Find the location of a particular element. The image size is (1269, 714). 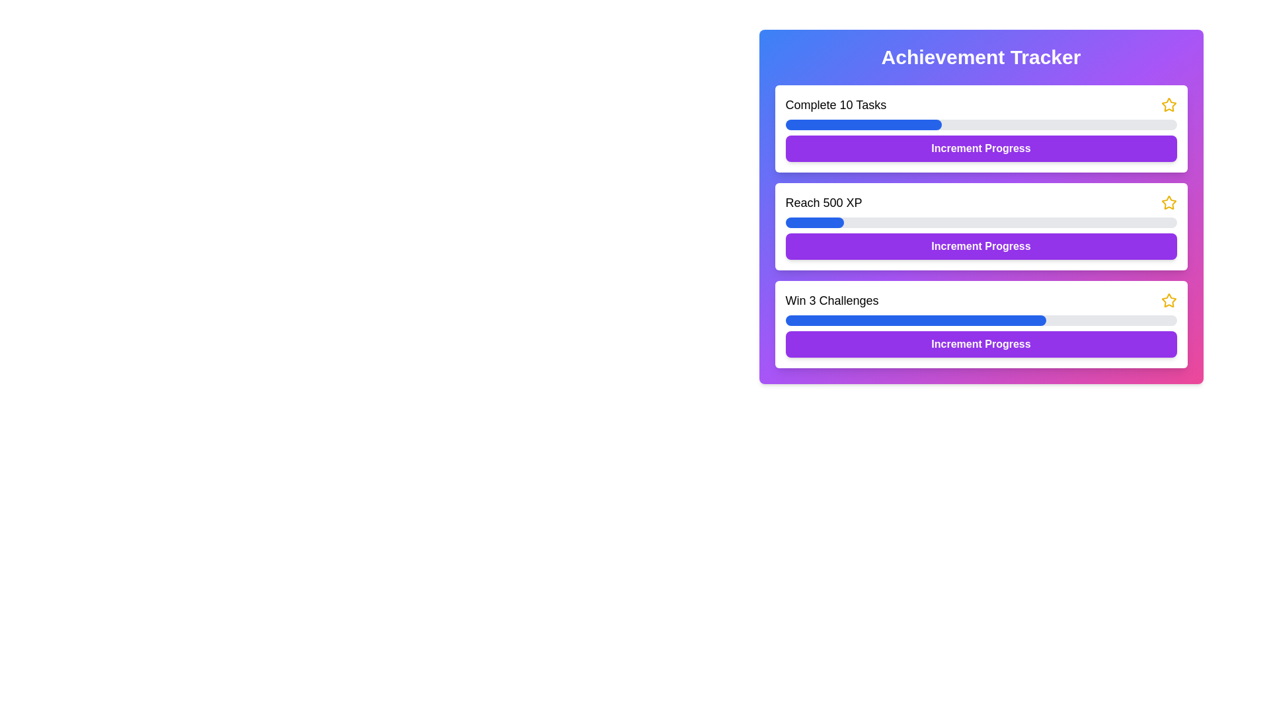

the purple 'Increment Progress' button with bold white text located within the card titled 'Complete 10 Tasks' to increment progress is located at coordinates (981, 148).